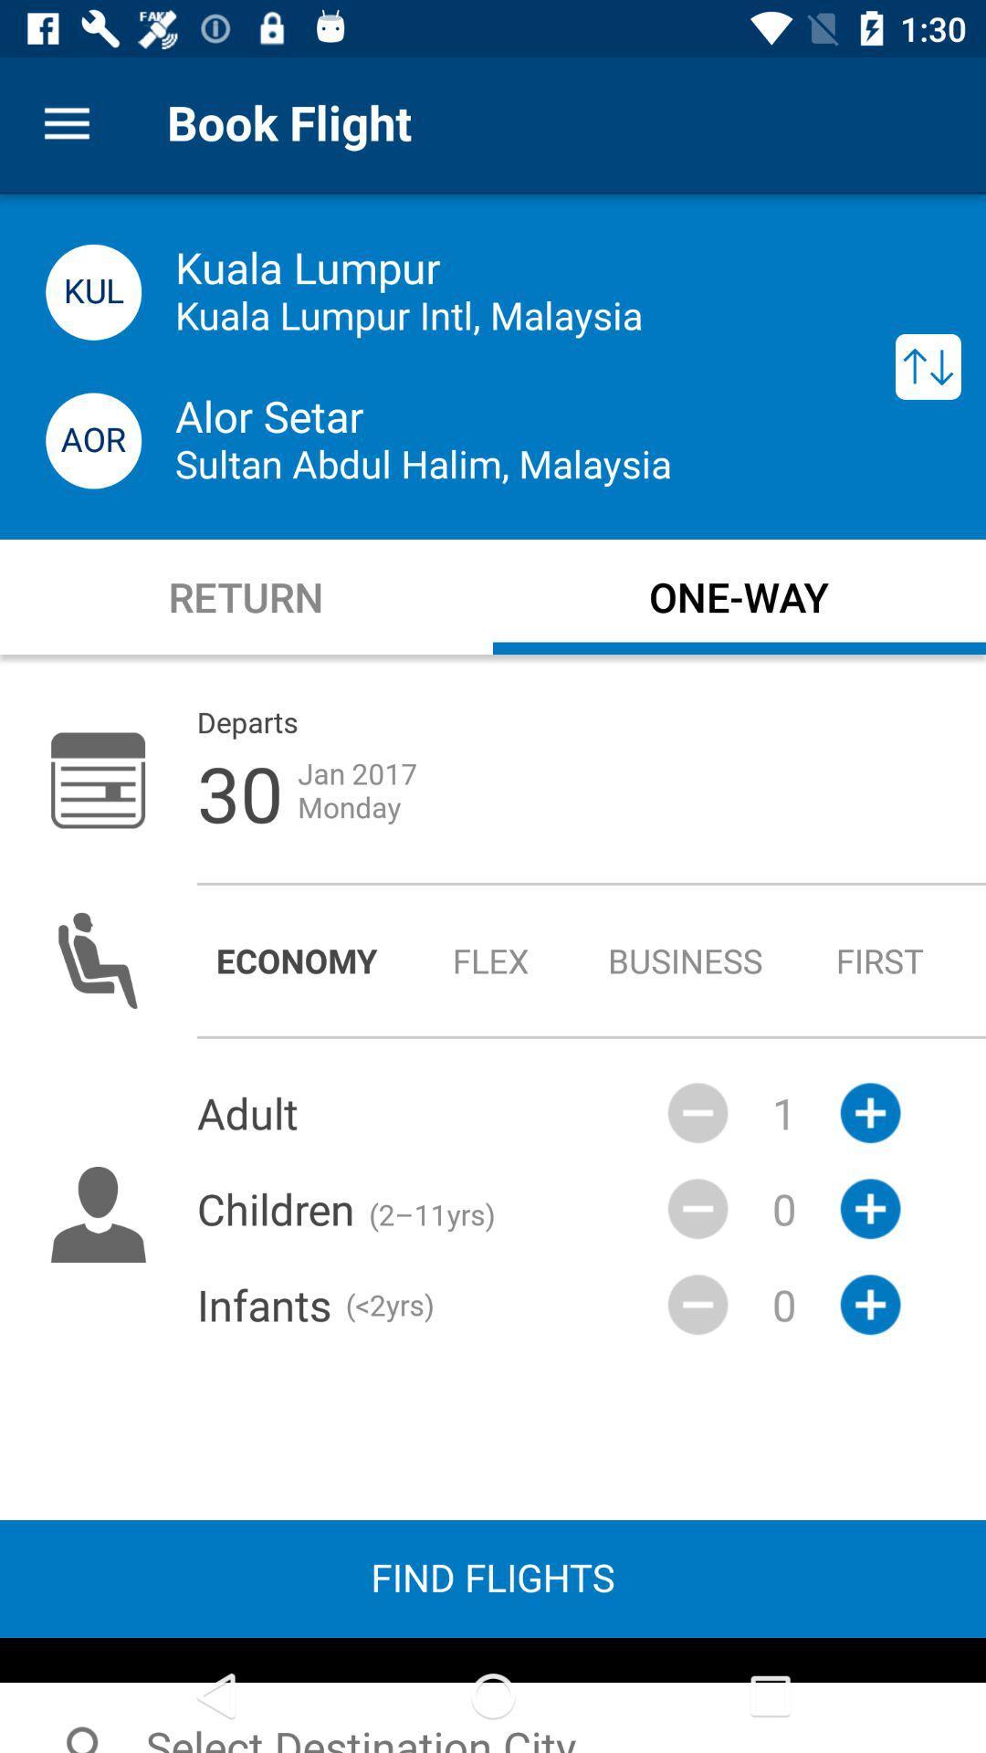 This screenshot has height=1753, width=986. What do you see at coordinates (490, 960) in the screenshot?
I see `icon next to the economy radio button` at bounding box center [490, 960].